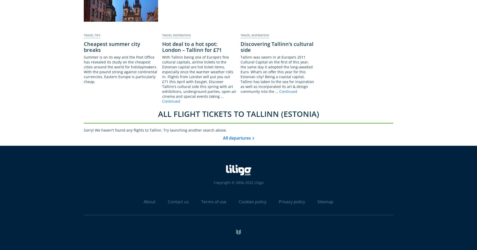  I want to click on 'Terms of use', so click(213, 201).